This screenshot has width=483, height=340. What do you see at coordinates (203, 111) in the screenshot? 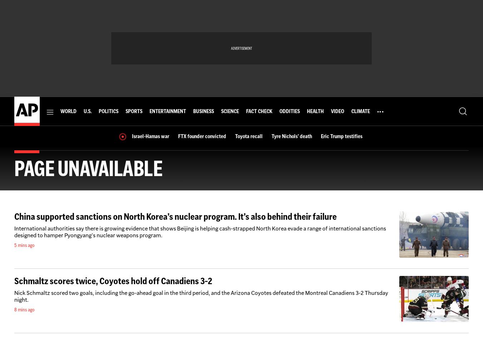
I see `'Business'` at bounding box center [203, 111].